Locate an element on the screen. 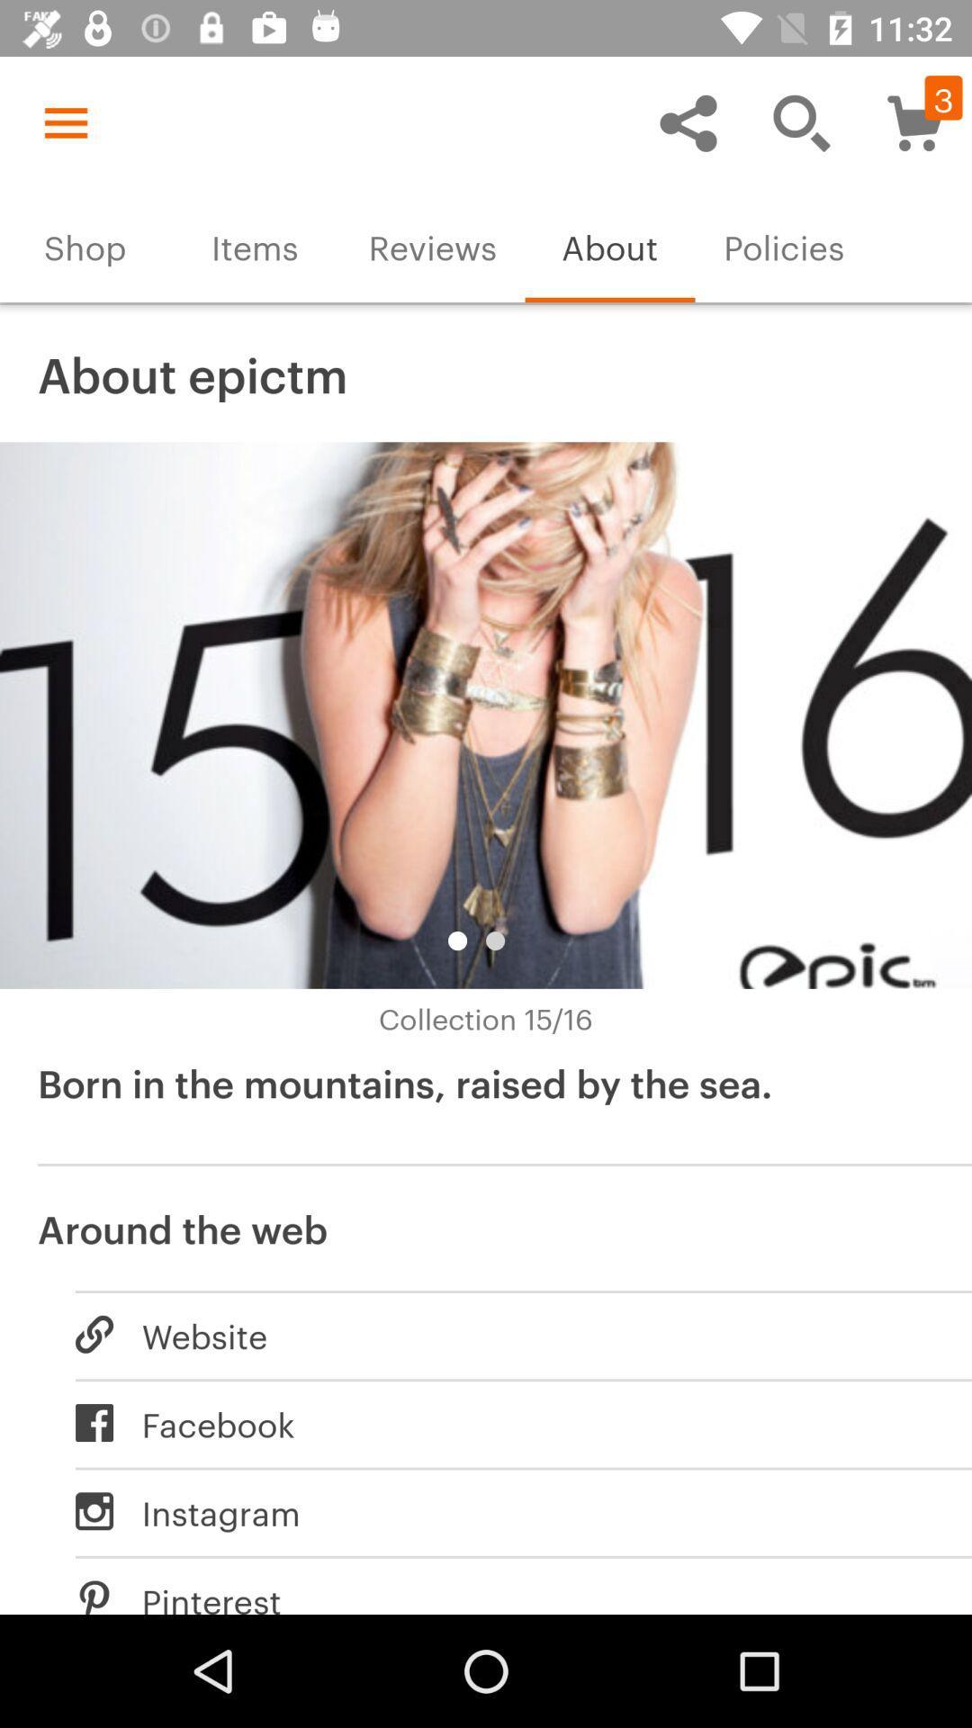  the icon below around the web is located at coordinates (504, 1335).